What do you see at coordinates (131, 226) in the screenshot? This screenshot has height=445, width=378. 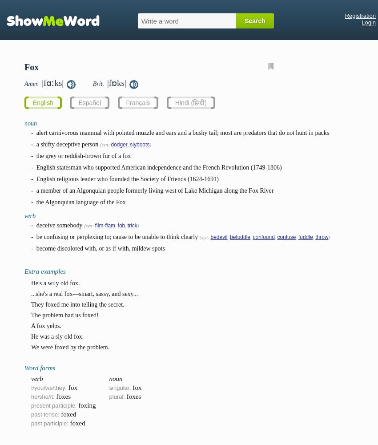 I see `'trick'` at bounding box center [131, 226].